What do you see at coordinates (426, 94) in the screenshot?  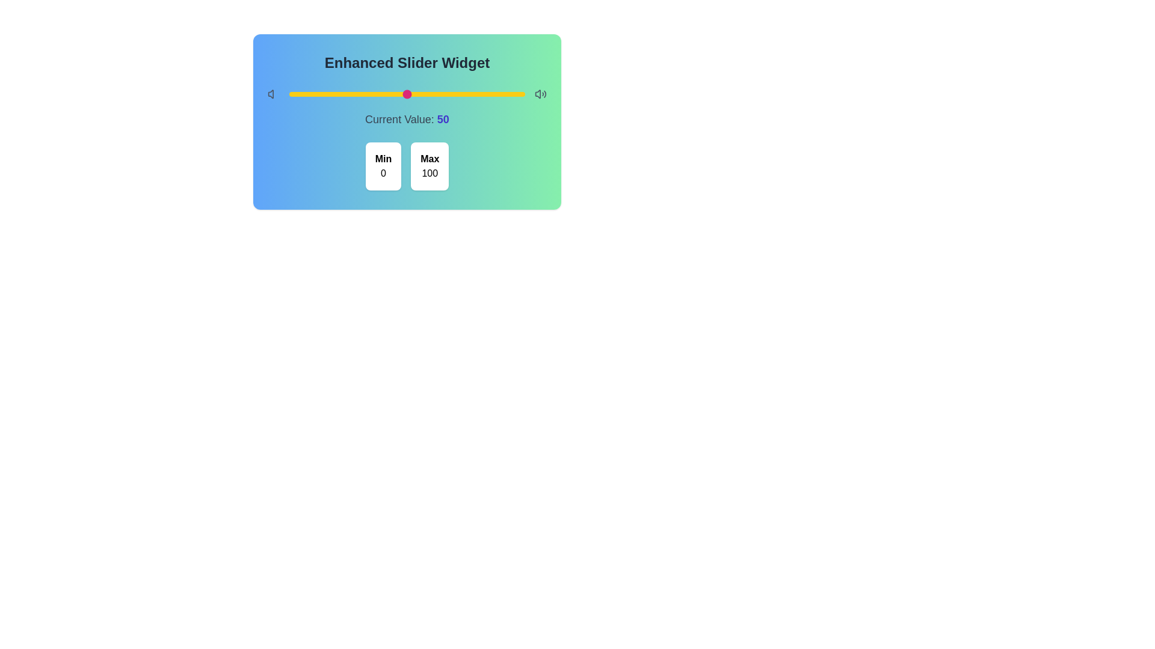 I see `the slider to set its value to 58` at bounding box center [426, 94].